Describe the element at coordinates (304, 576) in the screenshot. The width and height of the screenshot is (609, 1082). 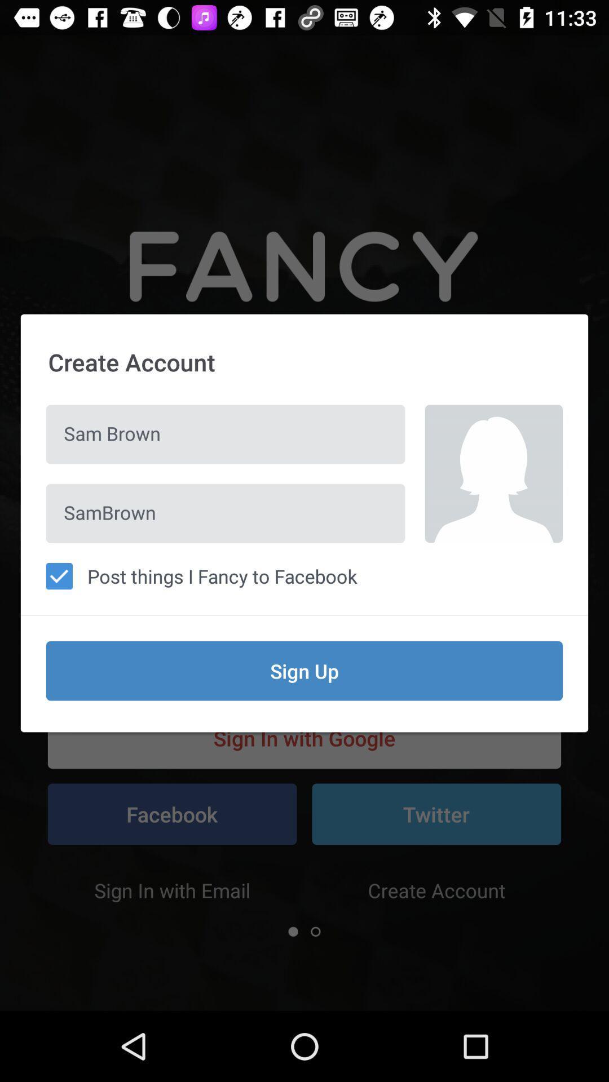
I see `the icon below sambrown` at that location.